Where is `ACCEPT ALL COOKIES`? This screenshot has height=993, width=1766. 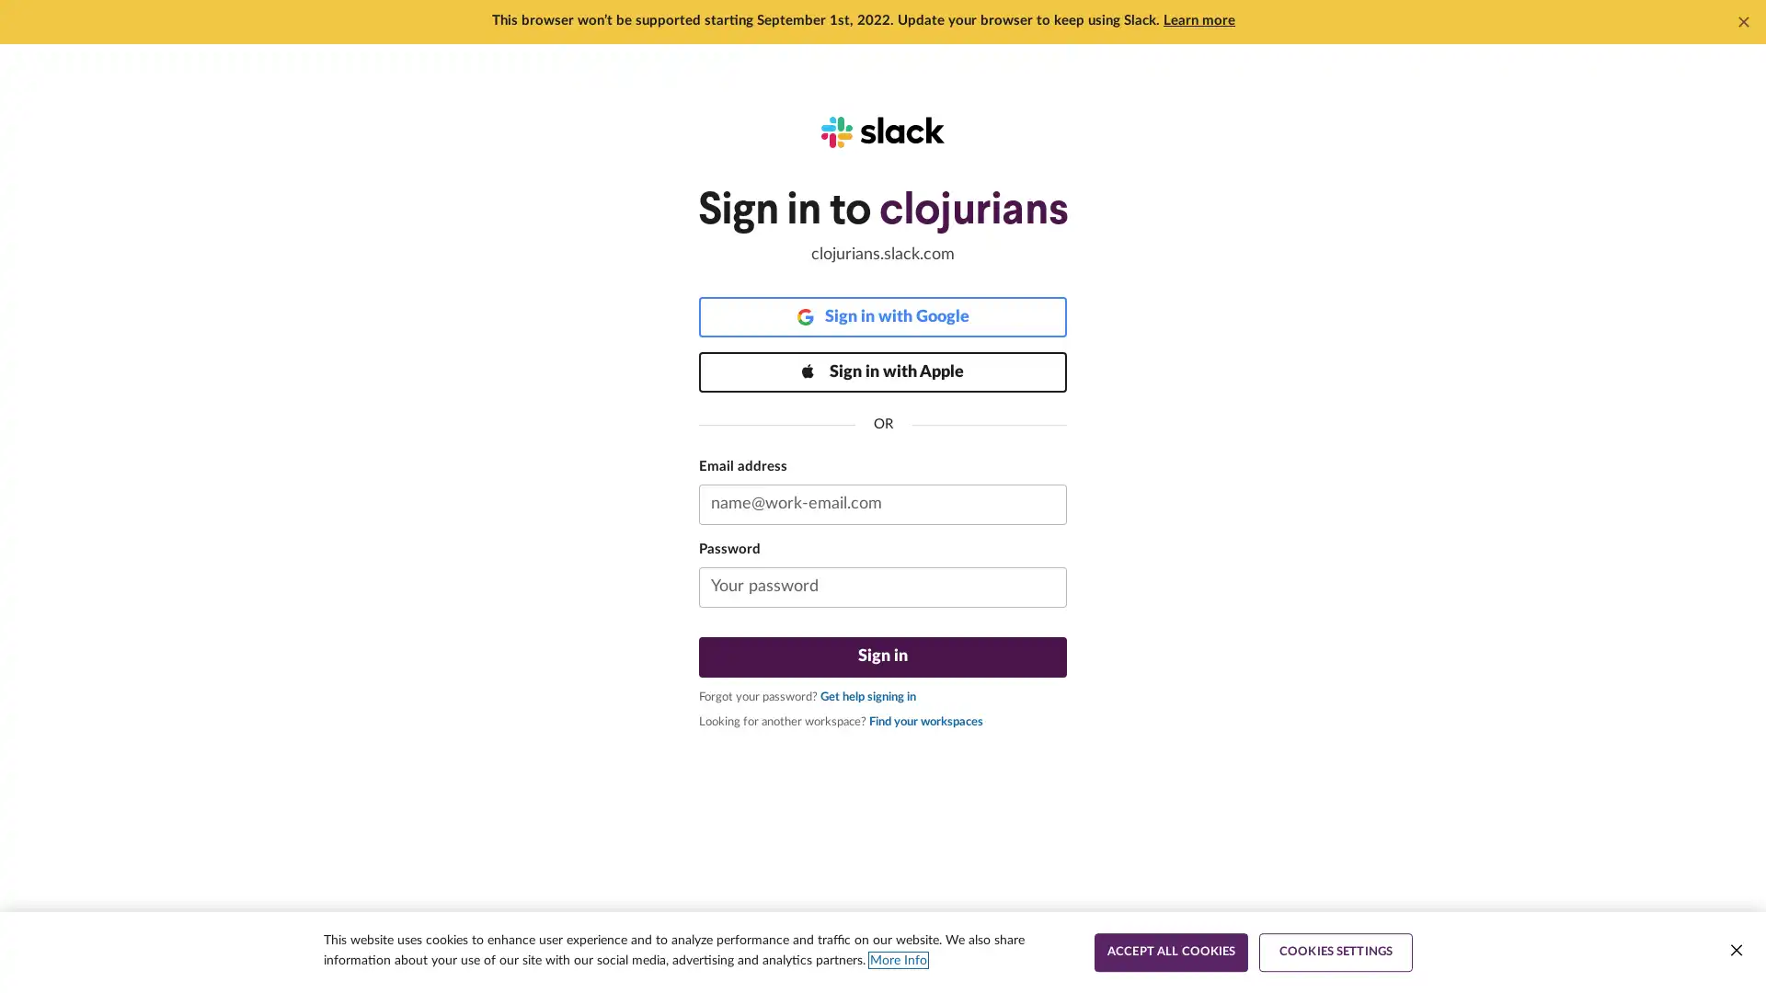
ACCEPT ALL COOKIES is located at coordinates (1170, 952).